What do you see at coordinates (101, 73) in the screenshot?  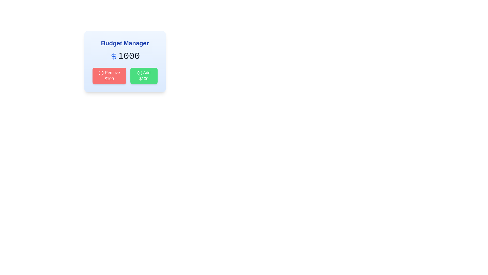 I see `the circular icon with a minus symbol that is part of the 'Remove $100' button located below the 'Budget Manager' heading` at bounding box center [101, 73].